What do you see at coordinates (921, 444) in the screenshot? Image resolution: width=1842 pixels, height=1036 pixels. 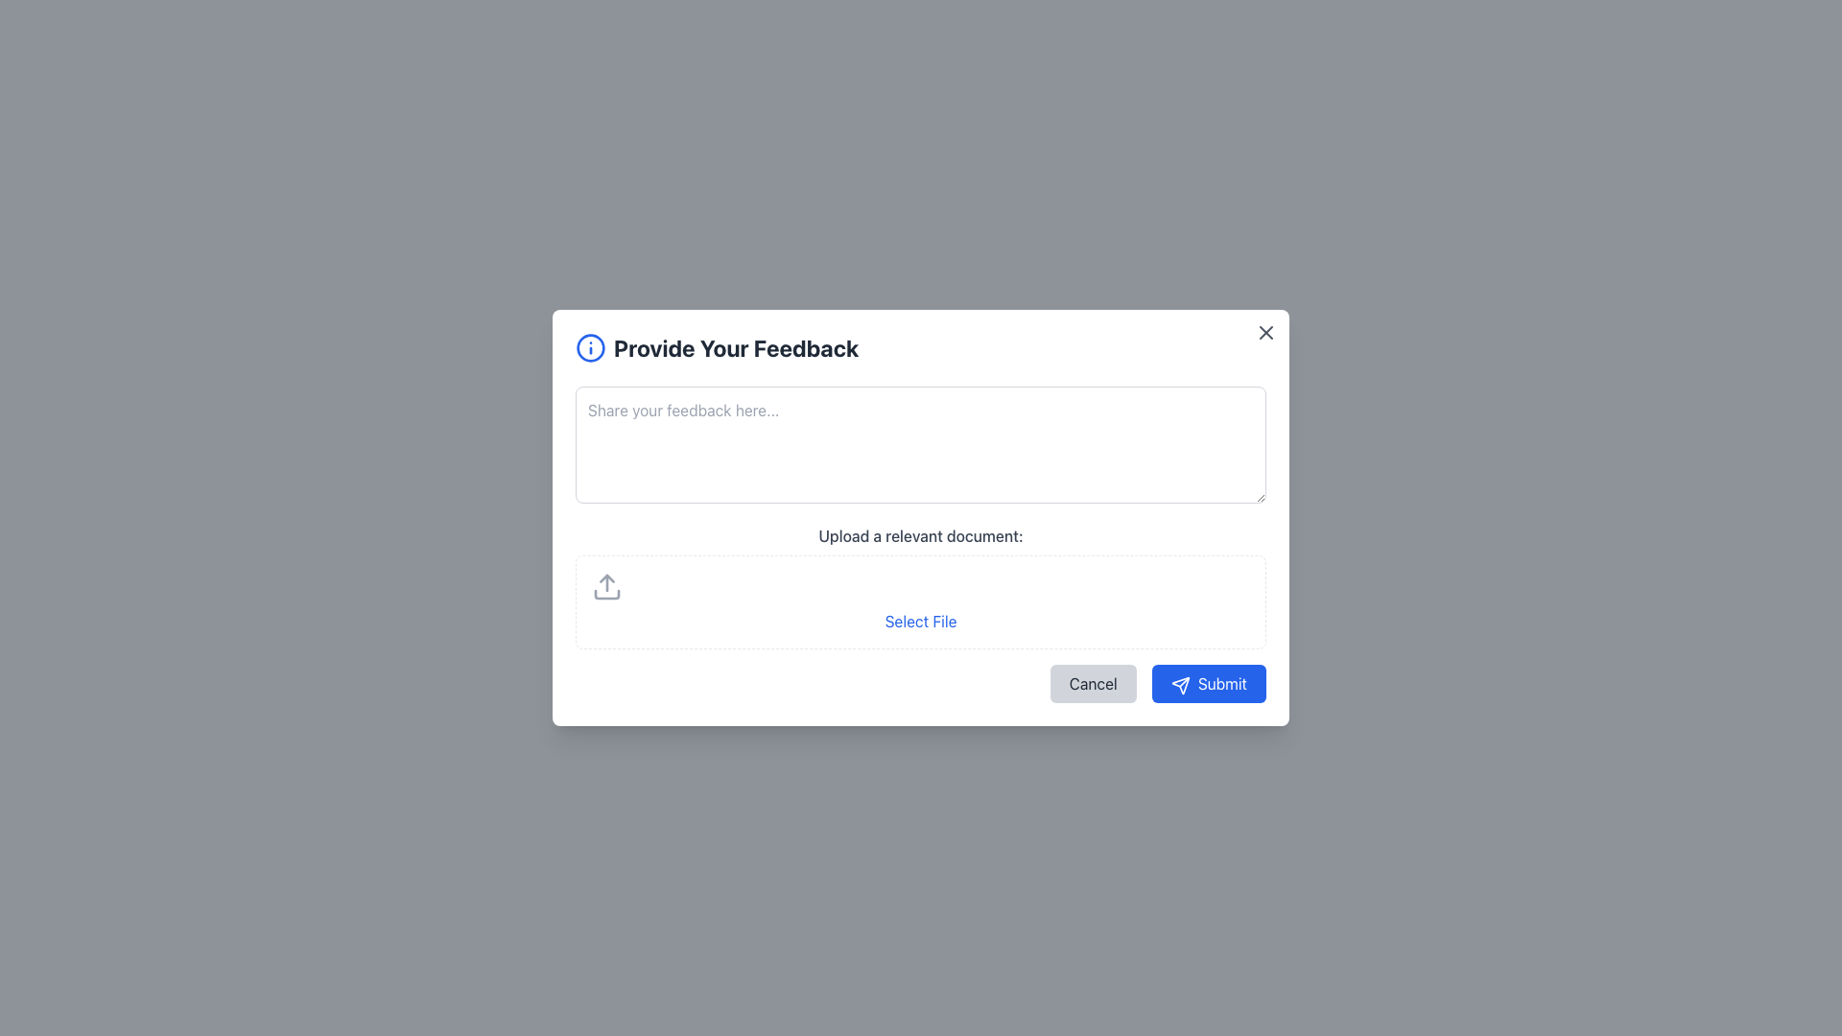 I see `the multiline text input field for feedback by pressing the Tab key` at bounding box center [921, 444].